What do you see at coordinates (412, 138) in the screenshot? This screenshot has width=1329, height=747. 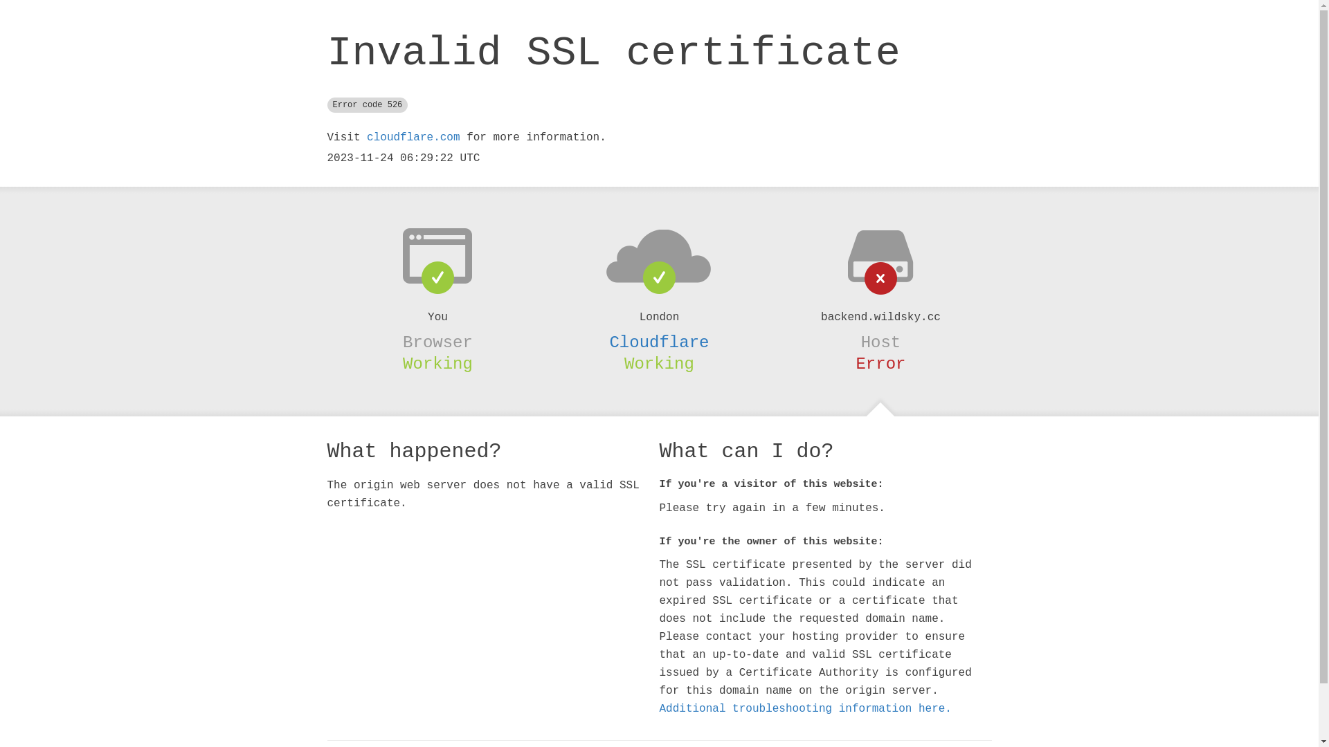 I see `'cloudflare.com'` at bounding box center [412, 138].